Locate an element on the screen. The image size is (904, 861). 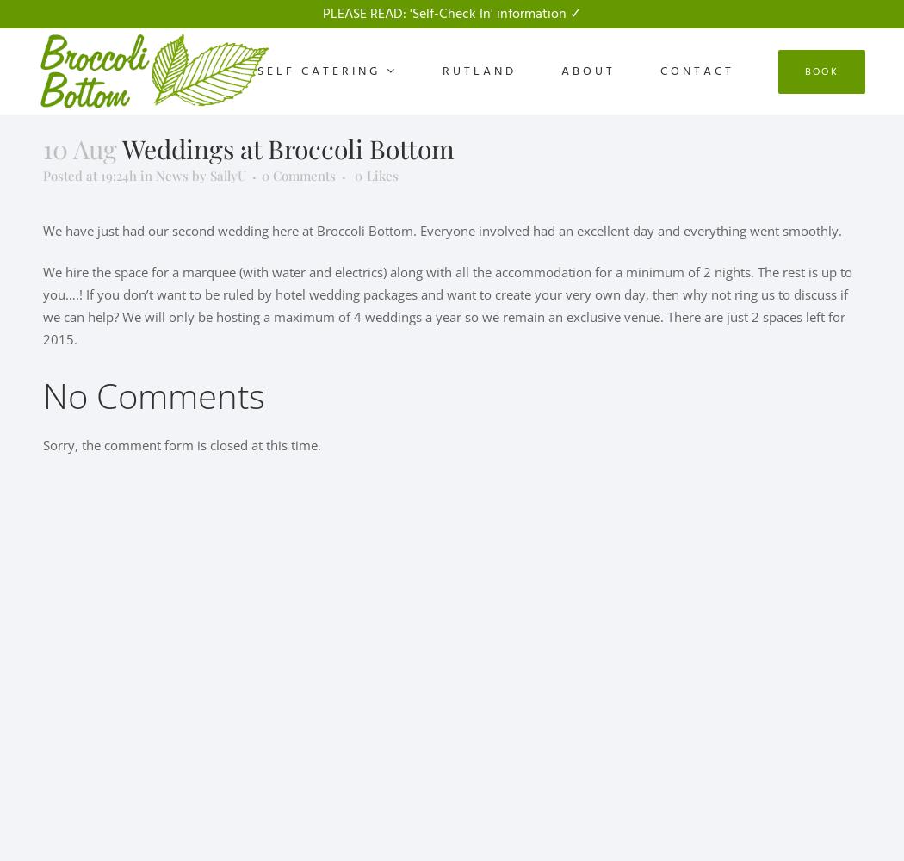
'Book' is located at coordinates (820, 70).